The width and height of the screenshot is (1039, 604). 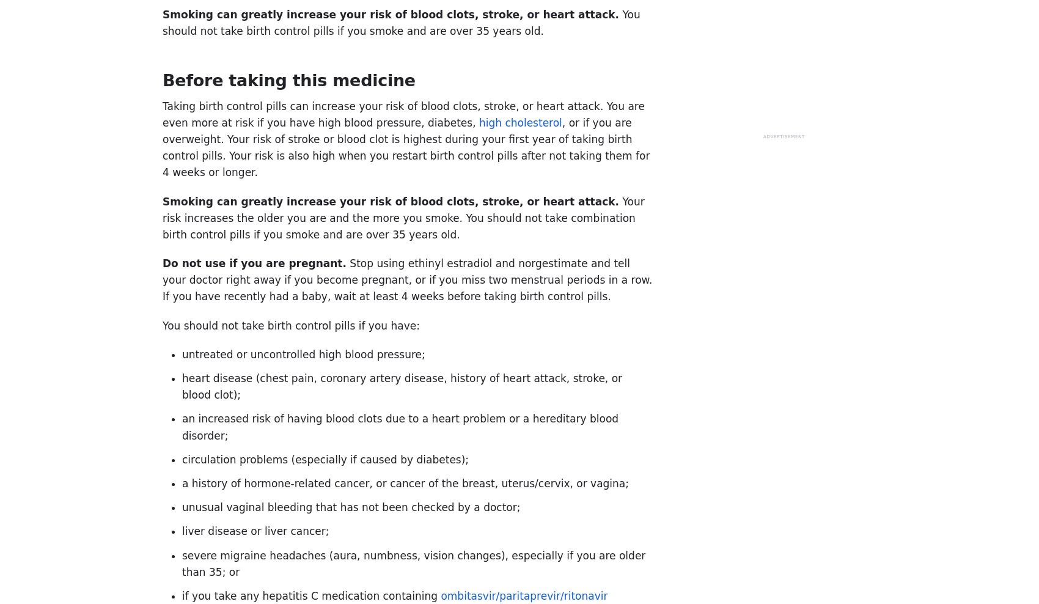 I want to click on 'Before taking this medicine', so click(x=288, y=79).